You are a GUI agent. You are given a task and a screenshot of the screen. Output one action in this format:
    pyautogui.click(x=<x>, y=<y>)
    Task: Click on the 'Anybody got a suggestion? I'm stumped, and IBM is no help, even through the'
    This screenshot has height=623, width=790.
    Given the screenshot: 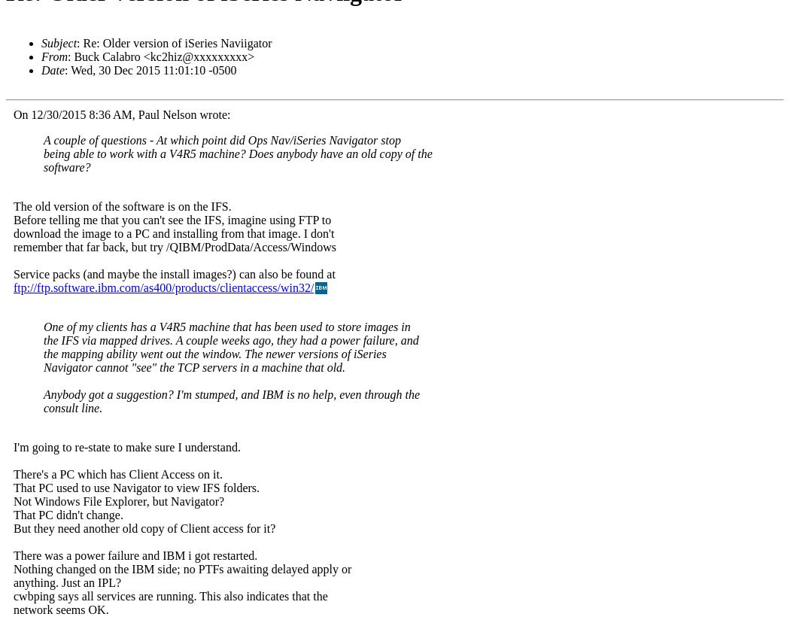 What is the action you would take?
    pyautogui.click(x=231, y=394)
    